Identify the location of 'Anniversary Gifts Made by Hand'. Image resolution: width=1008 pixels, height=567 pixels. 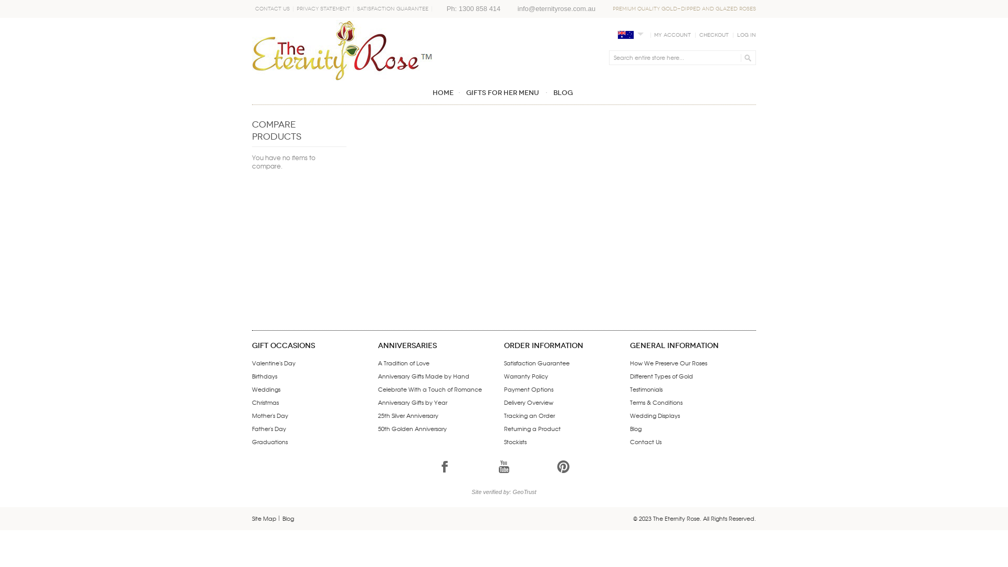
(423, 375).